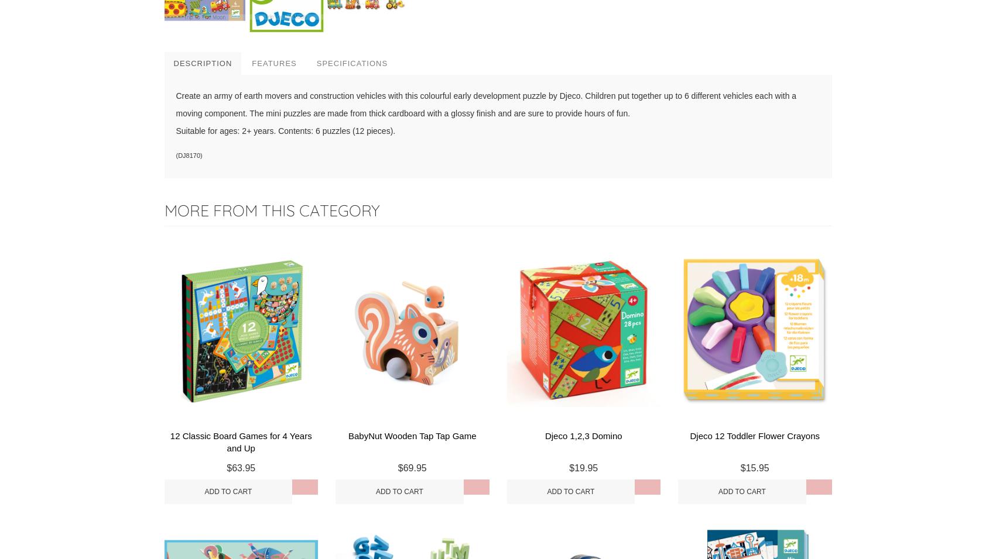  What do you see at coordinates (240, 467) in the screenshot?
I see `'$63.95'` at bounding box center [240, 467].